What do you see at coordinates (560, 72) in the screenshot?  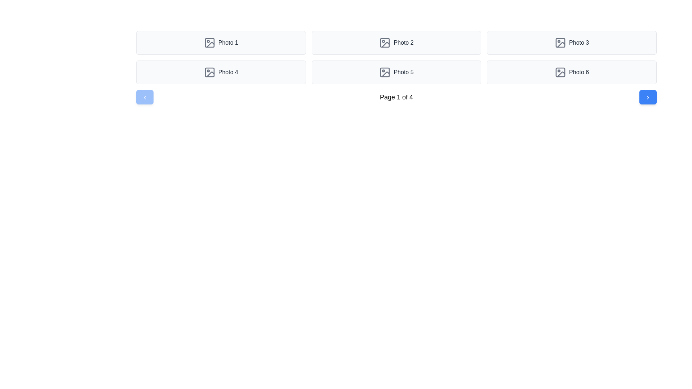 I see `the image placeholder icon representing 'Photo 6' in the bottom right of the grid` at bounding box center [560, 72].